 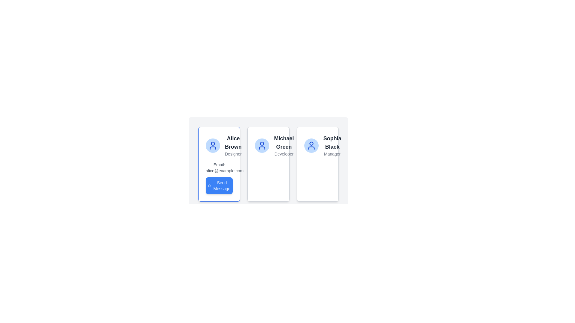 What do you see at coordinates (284, 145) in the screenshot?
I see `identification Label that displays the individual's name and role, located in the middle card of a horizontally aligned group of cards, between 'Alice Brown' and 'Sophia Black'` at bounding box center [284, 145].